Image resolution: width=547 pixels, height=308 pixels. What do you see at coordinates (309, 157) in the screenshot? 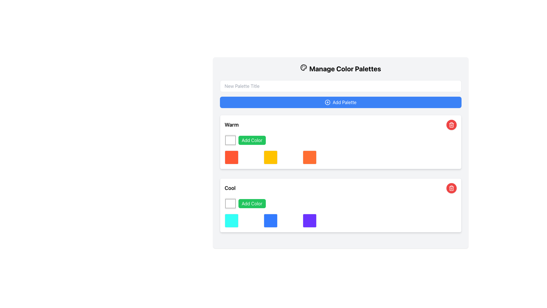
I see `the Color Picker Button, which is the third item in the row of colored elements under the 'Warm' section` at bounding box center [309, 157].